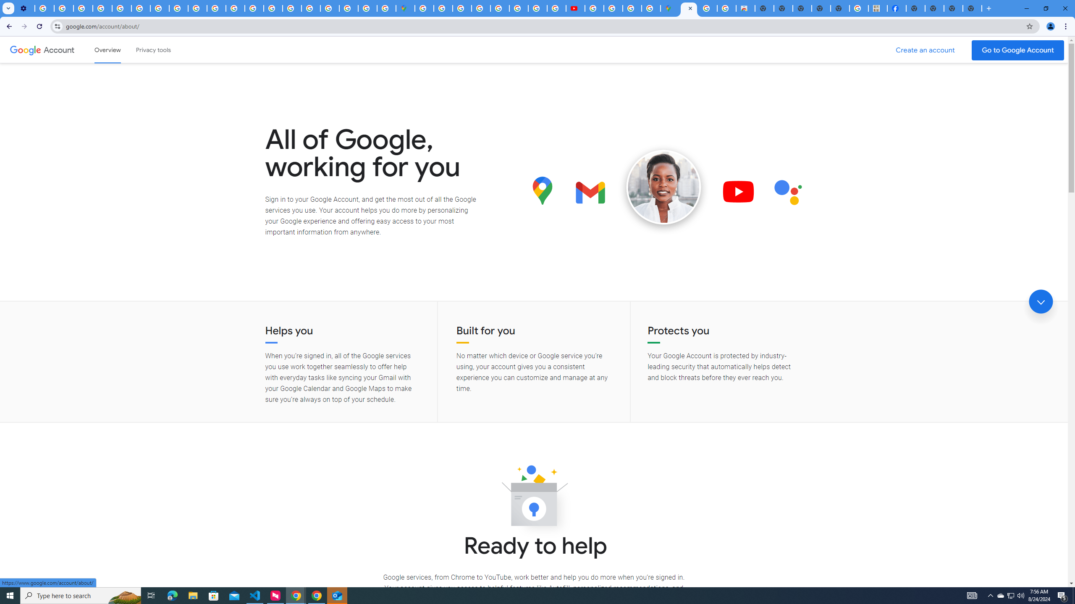 Image resolution: width=1075 pixels, height=604 pixels. What do you see at coordinates (1026, 8) in the screenshot?
I see `'Minimize'` at bounding box center [1026, 8].